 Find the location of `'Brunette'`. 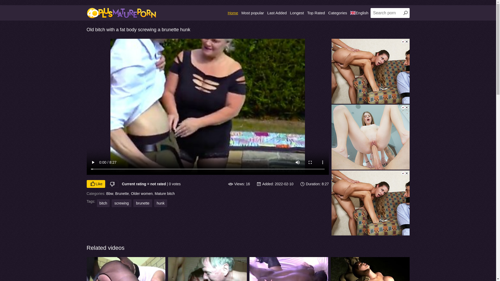

'Brunette' is located at coordinates (122, 194).